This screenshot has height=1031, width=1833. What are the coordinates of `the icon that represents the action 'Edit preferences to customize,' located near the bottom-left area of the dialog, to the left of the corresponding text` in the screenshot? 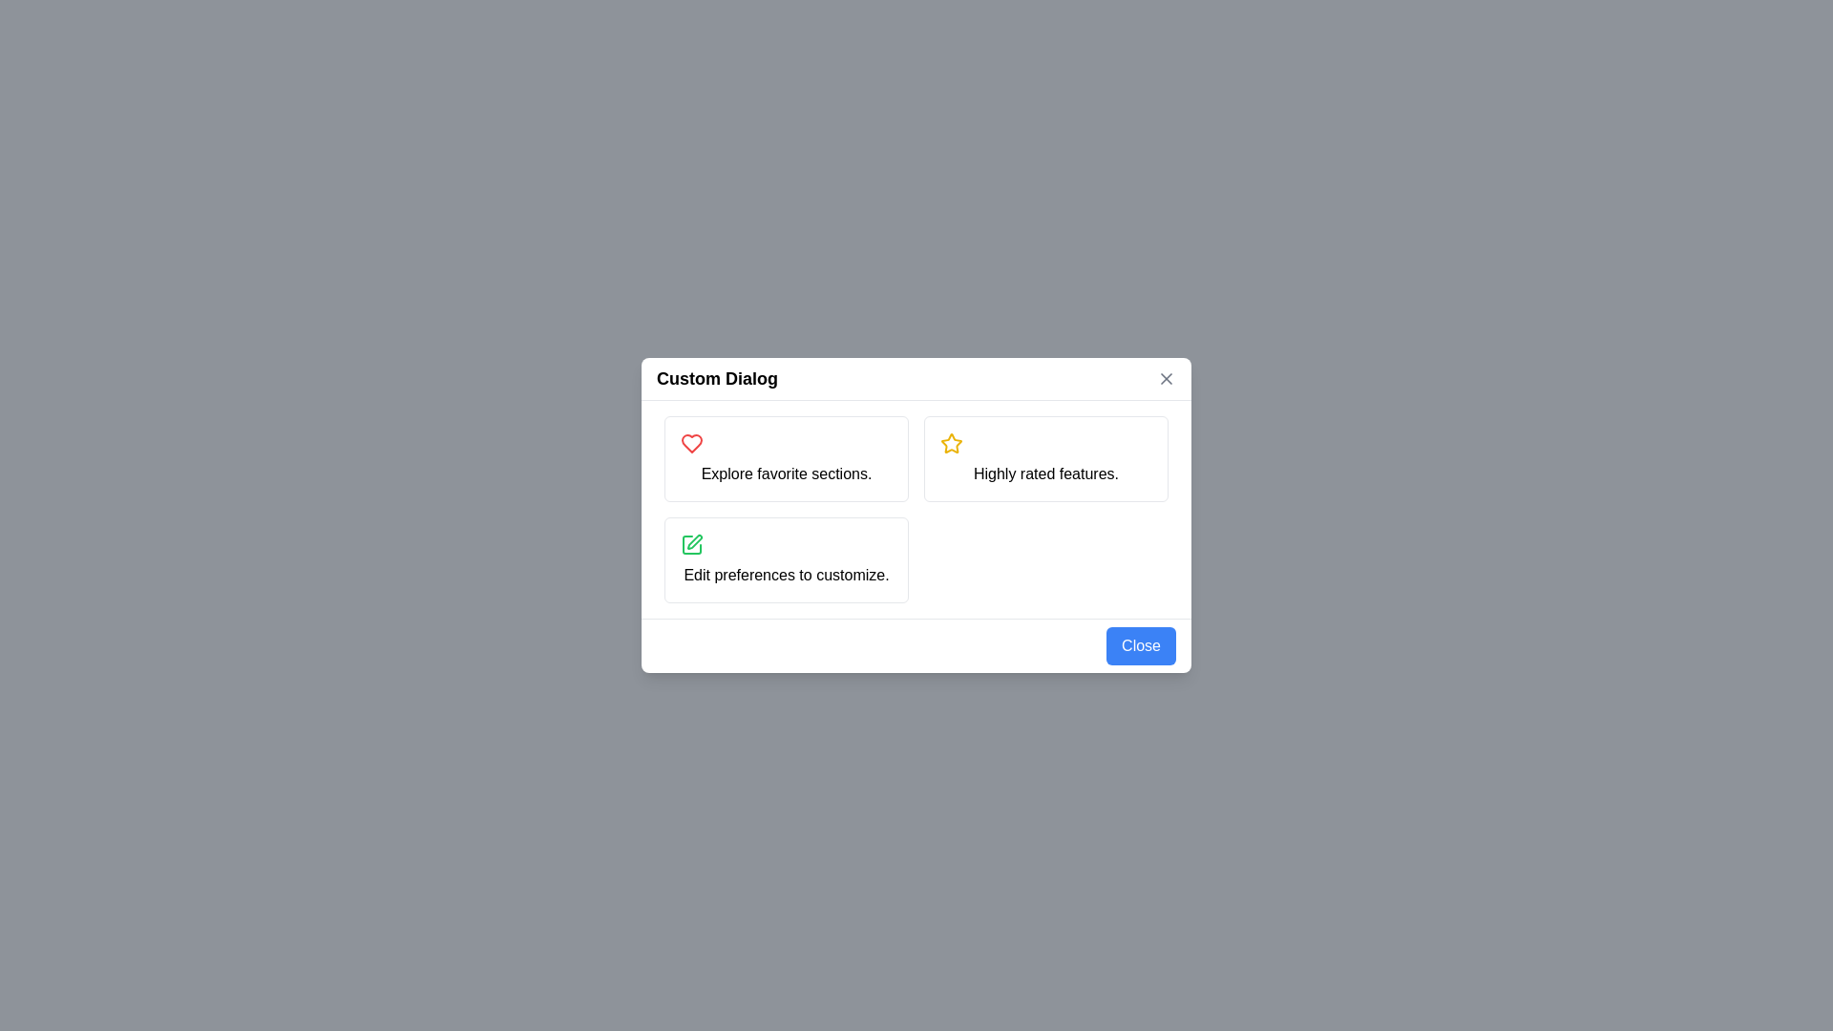 It's located at (690, 544).